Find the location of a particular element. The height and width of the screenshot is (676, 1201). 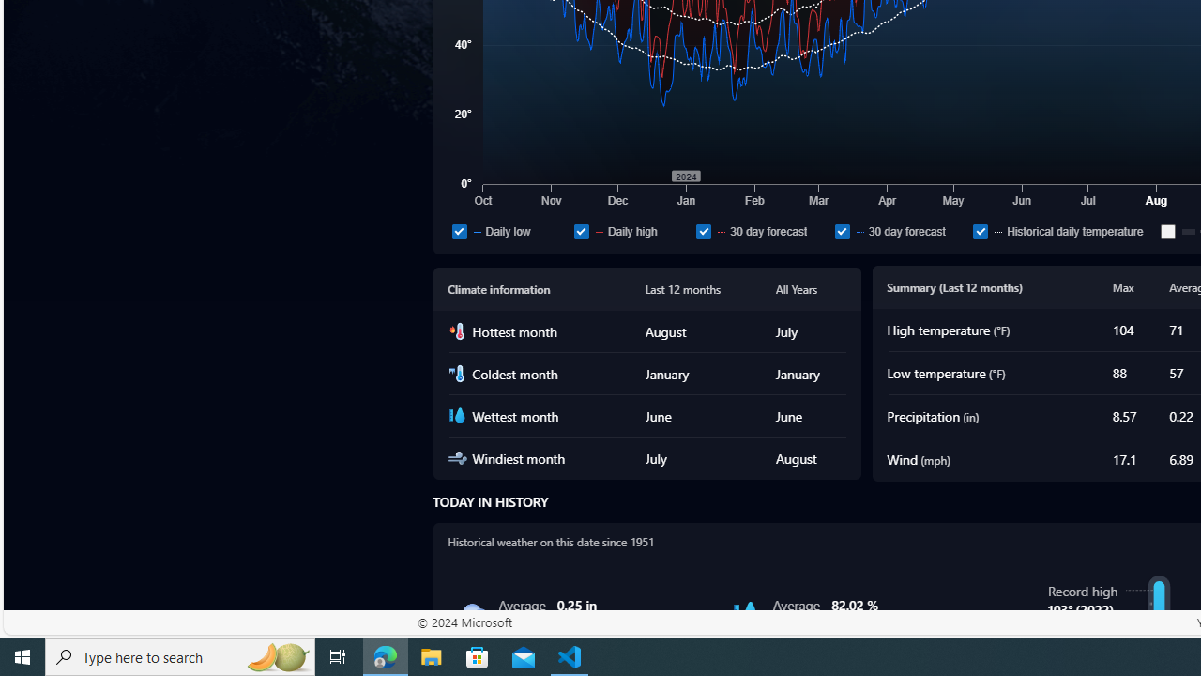

'Daily low' is located at coordinates (459, 230).